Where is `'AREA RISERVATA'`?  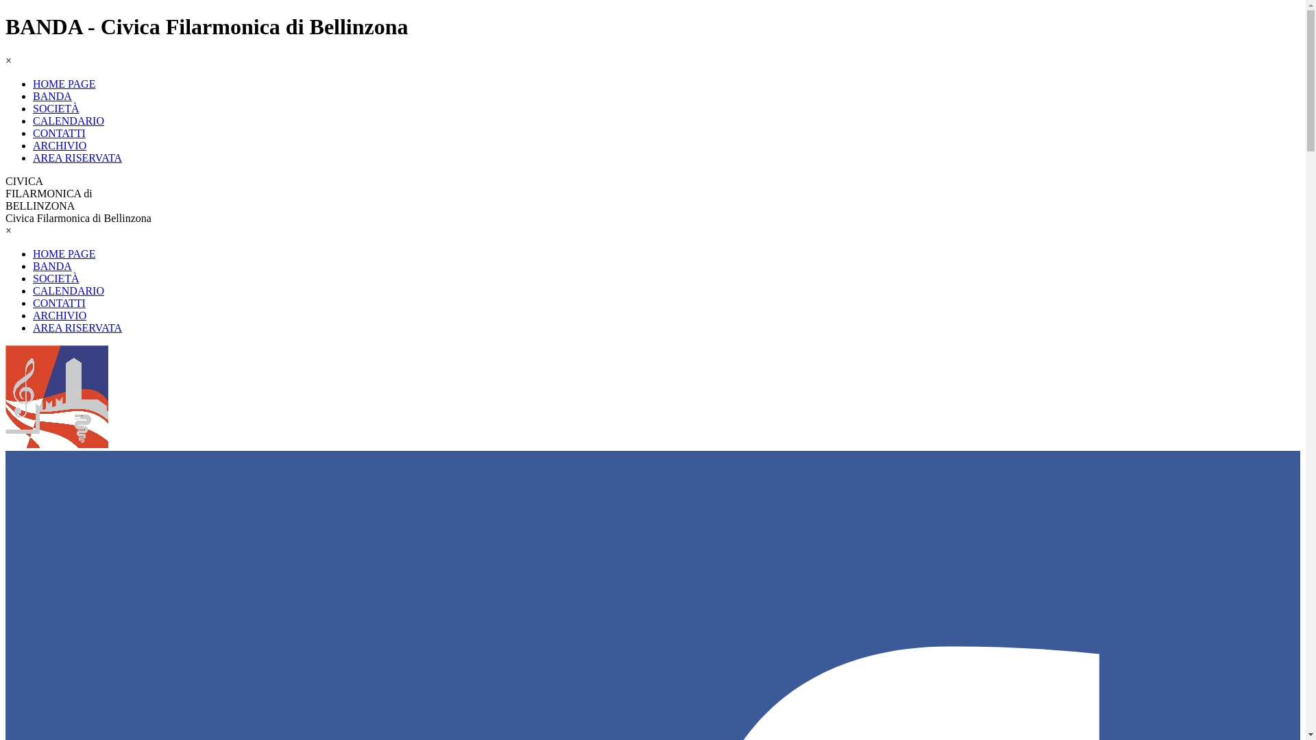
'AREA RISERVATA' is located at coordinates (33, 328).